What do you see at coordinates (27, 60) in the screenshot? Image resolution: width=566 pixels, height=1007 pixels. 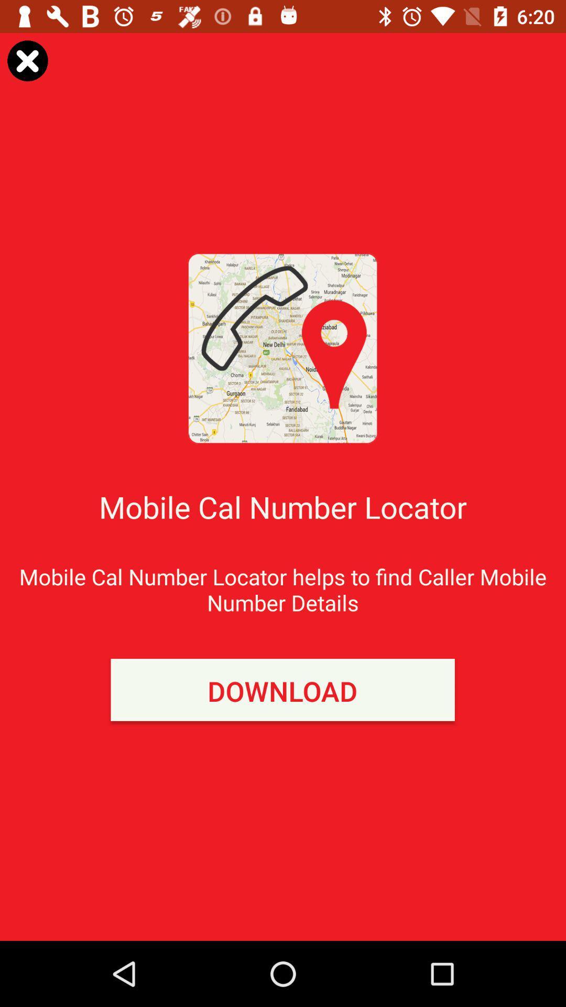 I see `exit` at bounding box center [27, 60].